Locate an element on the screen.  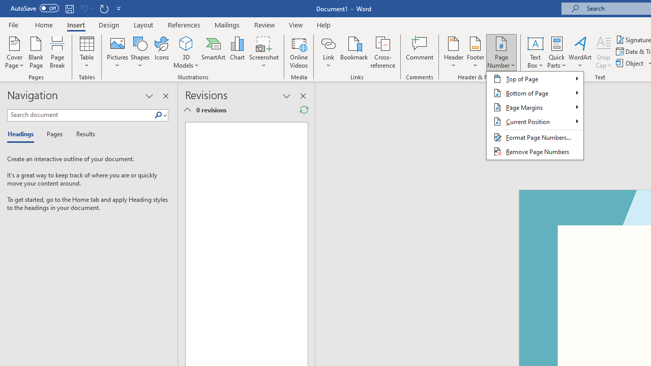
'Repeat Doc Close' is located at coordinates (104, 8).